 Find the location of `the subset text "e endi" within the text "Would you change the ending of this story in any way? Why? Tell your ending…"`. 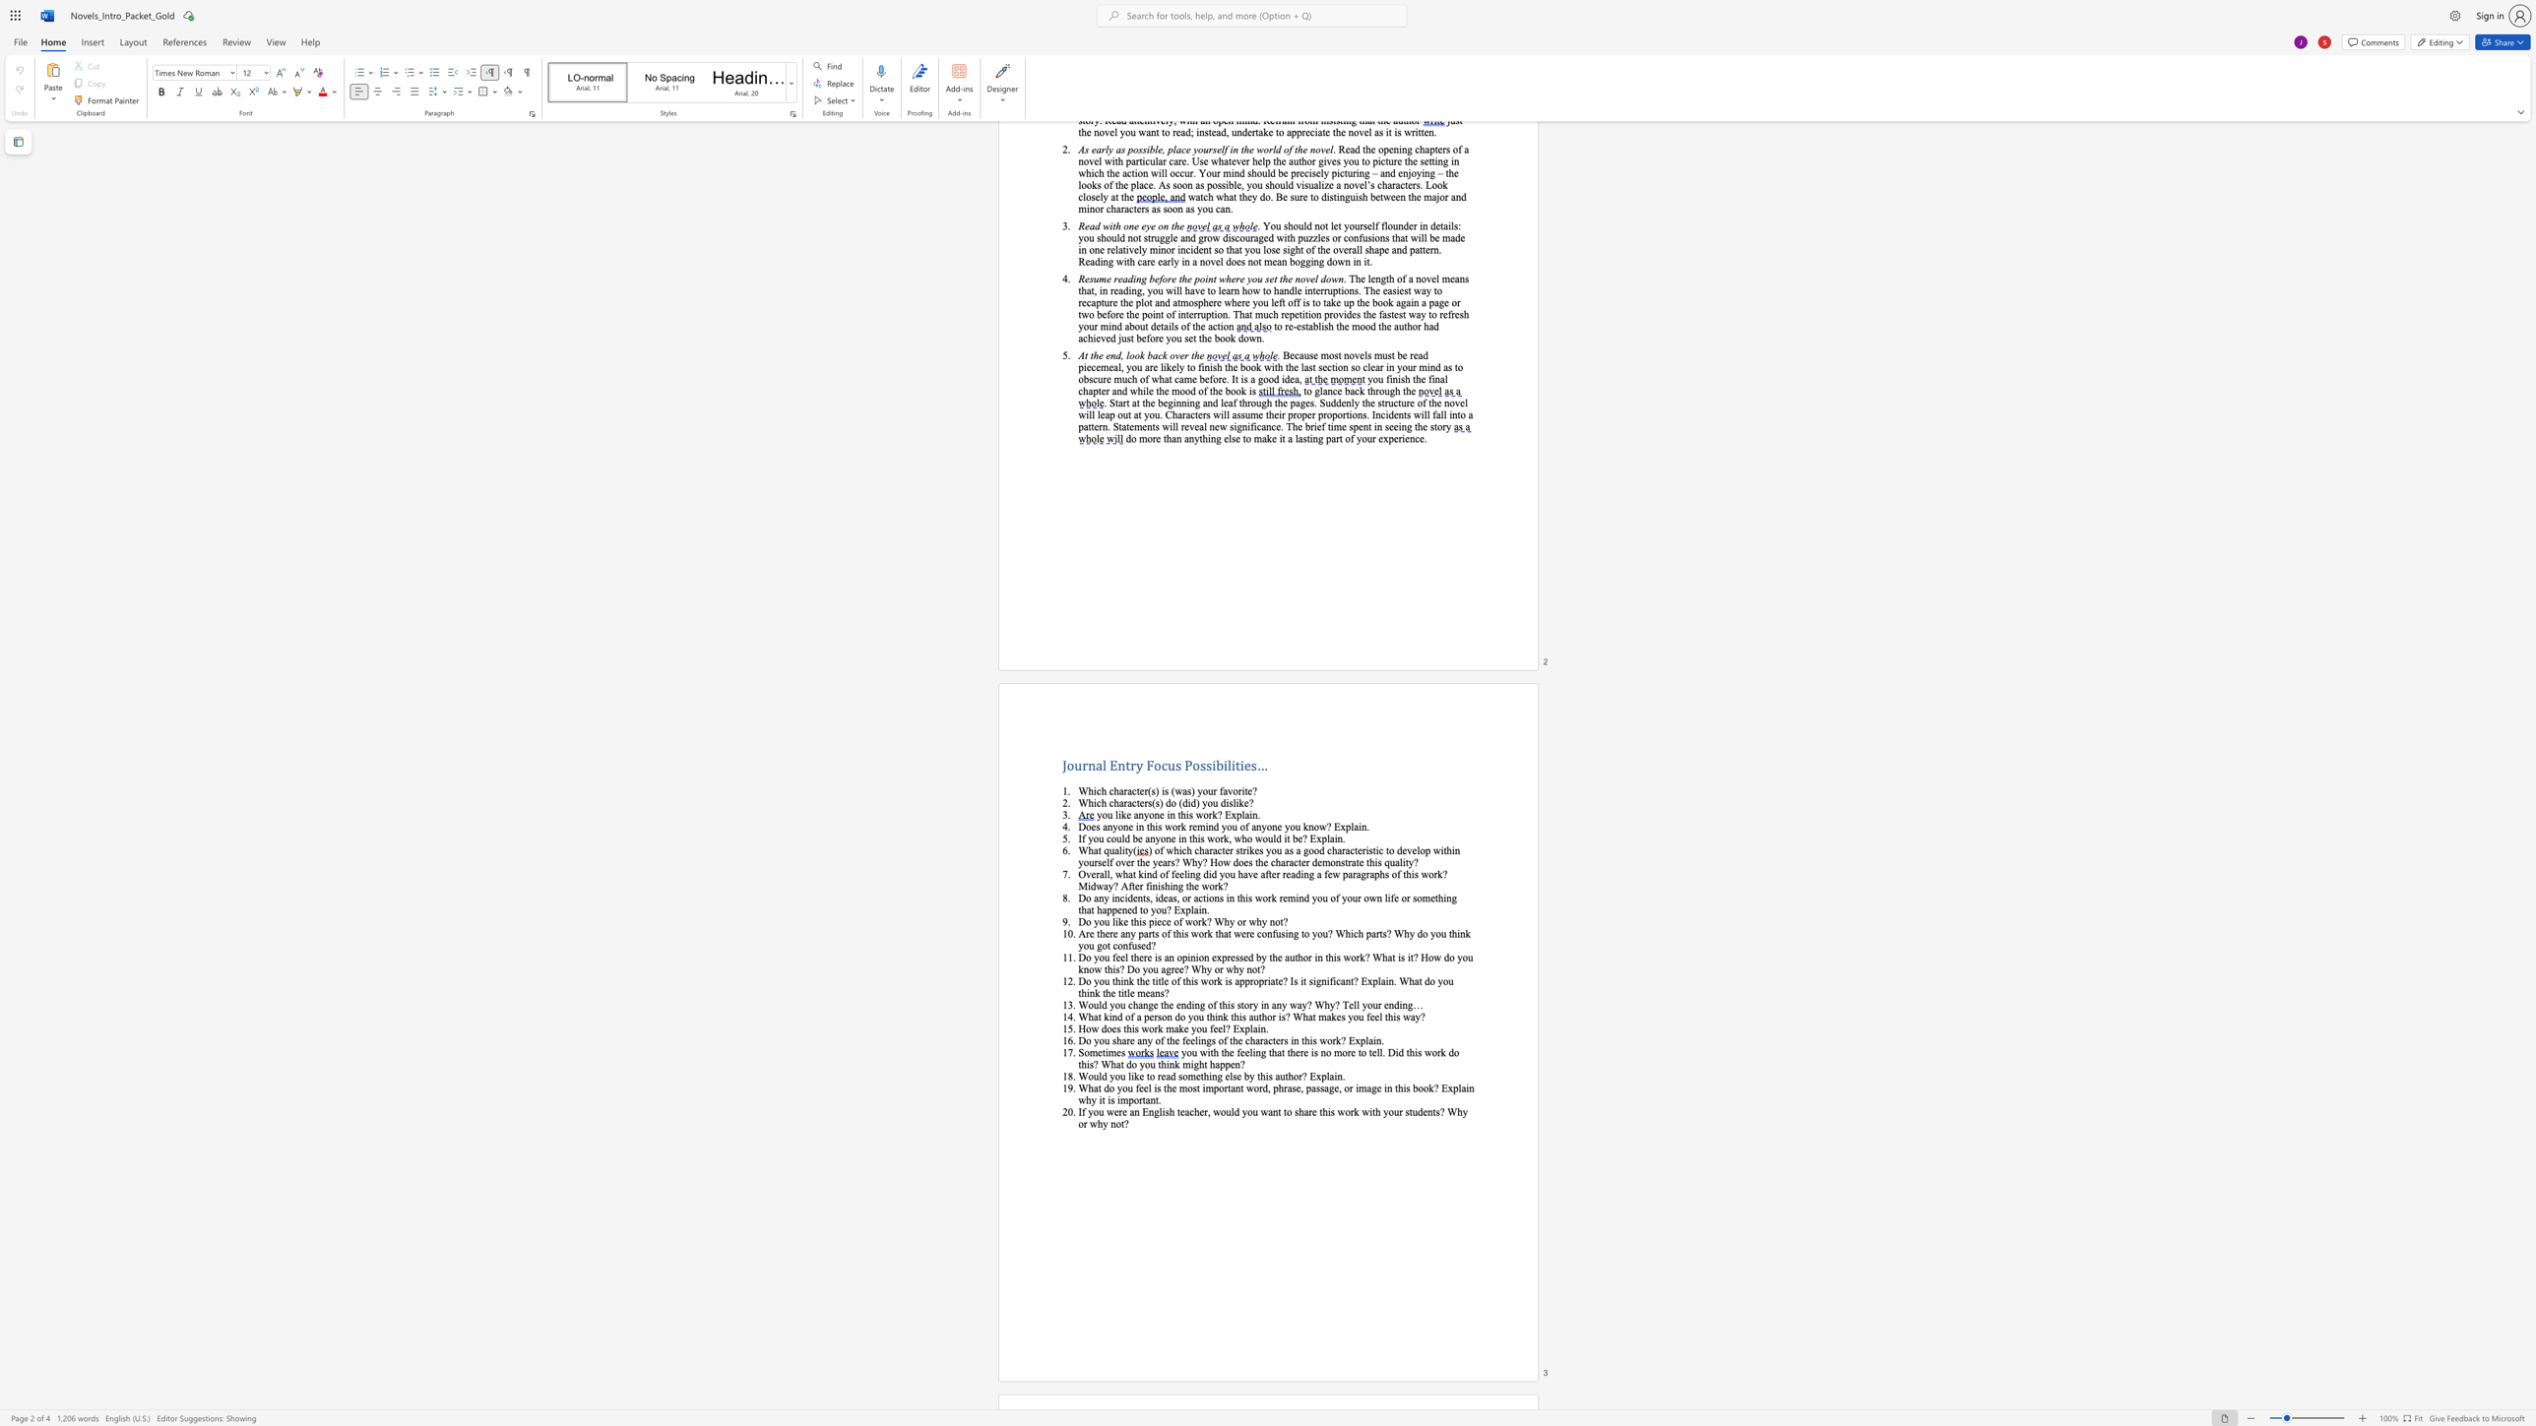

the subset text "e endi" within the text "Would you change the ending of this story in any way? Why? Tell your ending…" is located at coordinates (1169, 1004).